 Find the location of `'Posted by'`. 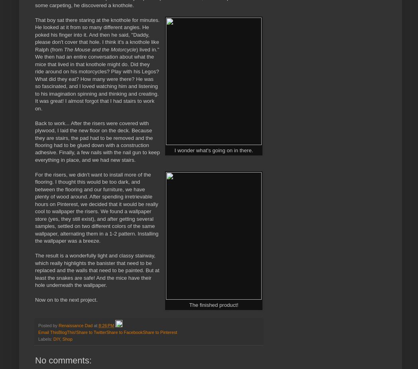

'Posted by' is located at coordinates (48, 325).